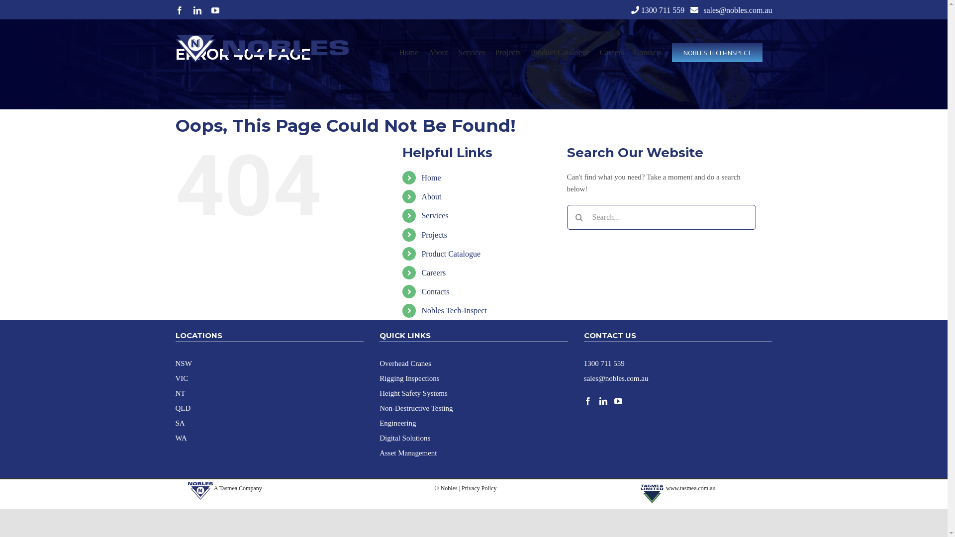  What do you see at coordinates (615, 377) in the screenshot?
I see `'sales@nobles.com.au'` at bounding box center [615, 377].